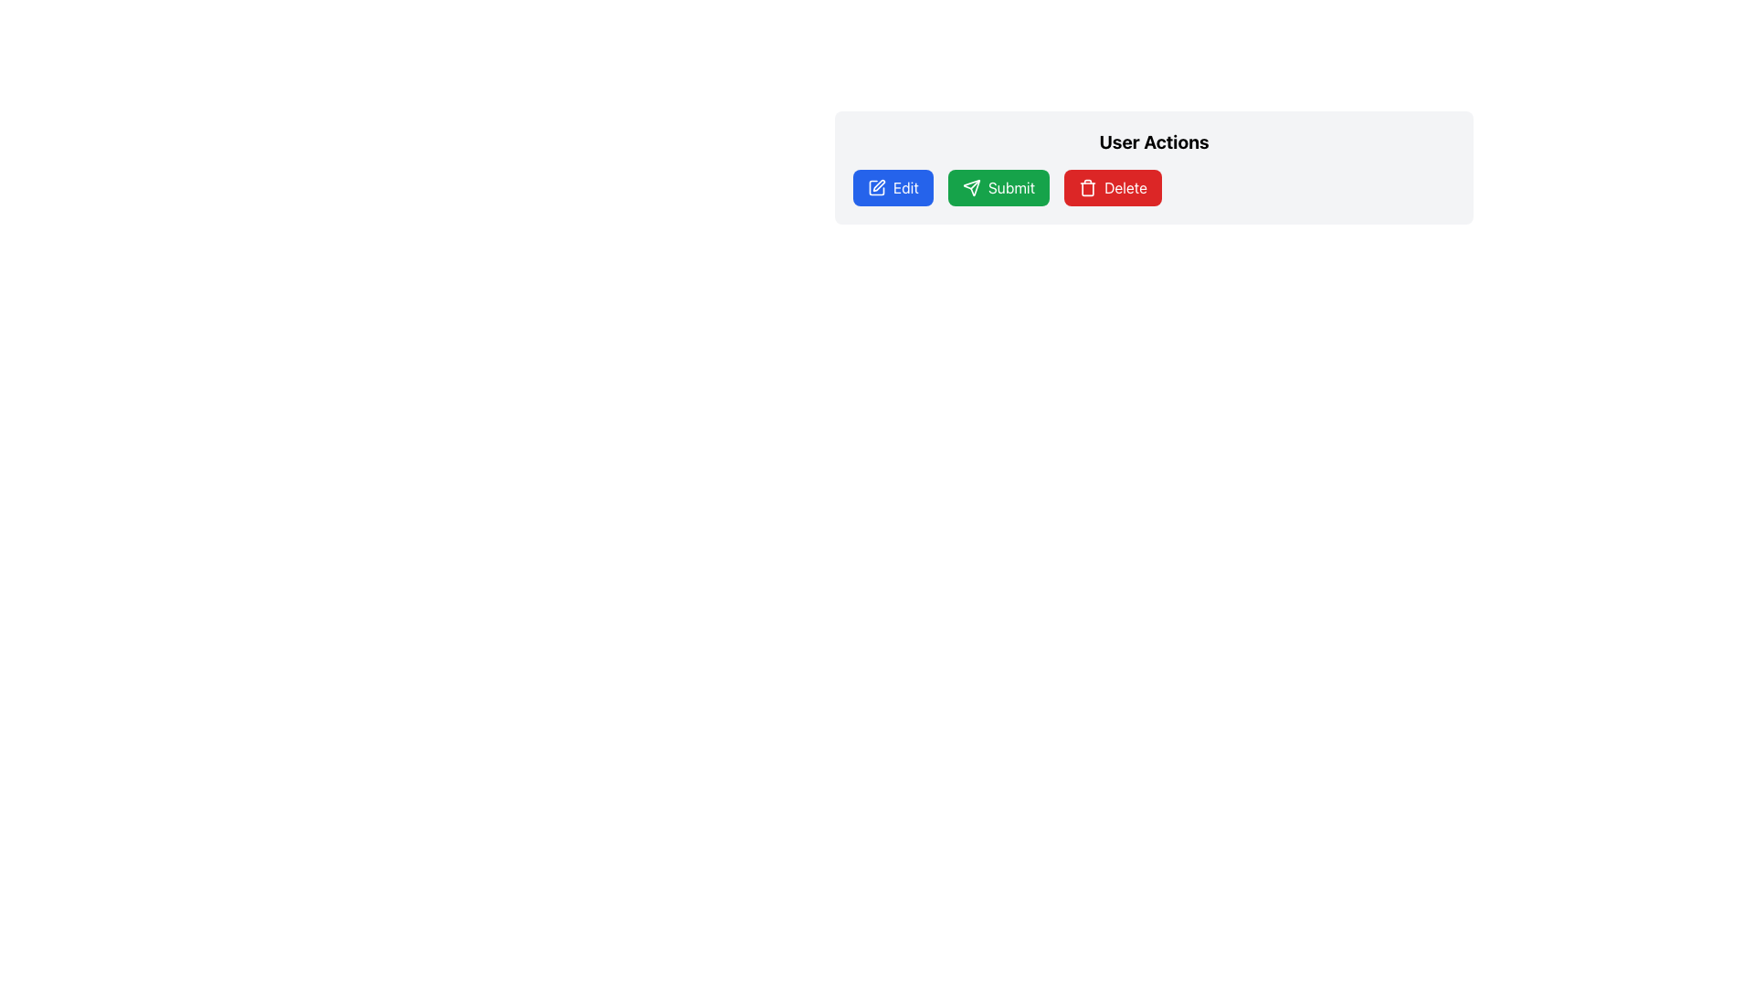 Image resolution: width=1754 pixels, height=986 pixels. What do you see at coordinates (1153, 187) in the screenshot?
I see `the rightmost button labeled 'Delete' in the horizontal button group located under the 'User Actions' title` at bounding box center [1153, 187].